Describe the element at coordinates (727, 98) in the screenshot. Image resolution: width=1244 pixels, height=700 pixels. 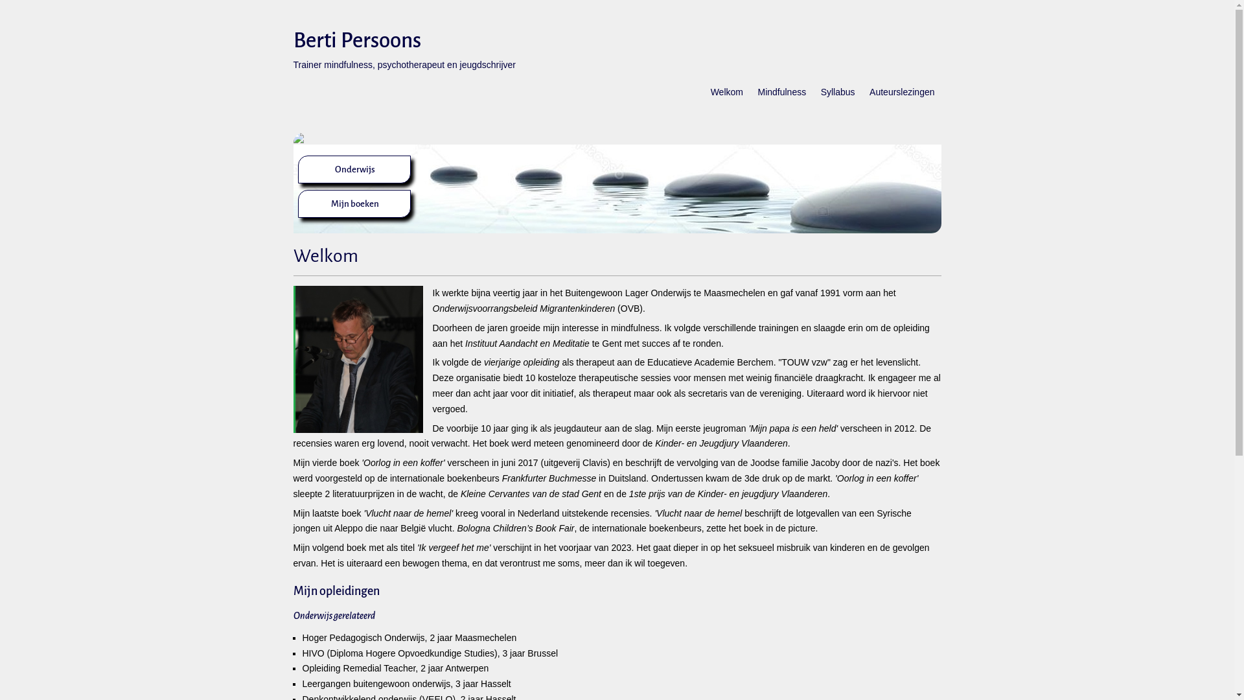
I see `'Welkom'` at that location.